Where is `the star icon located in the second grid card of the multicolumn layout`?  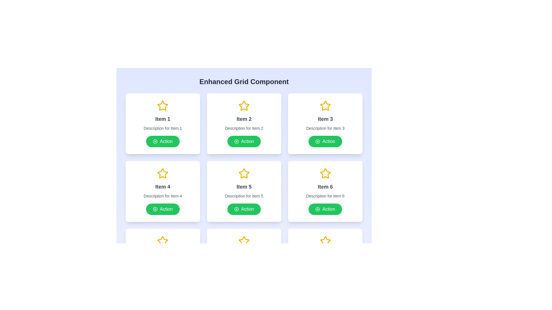
the star icon located in the second grid card of the multicolumn layout is located at coordinates (244, 106).